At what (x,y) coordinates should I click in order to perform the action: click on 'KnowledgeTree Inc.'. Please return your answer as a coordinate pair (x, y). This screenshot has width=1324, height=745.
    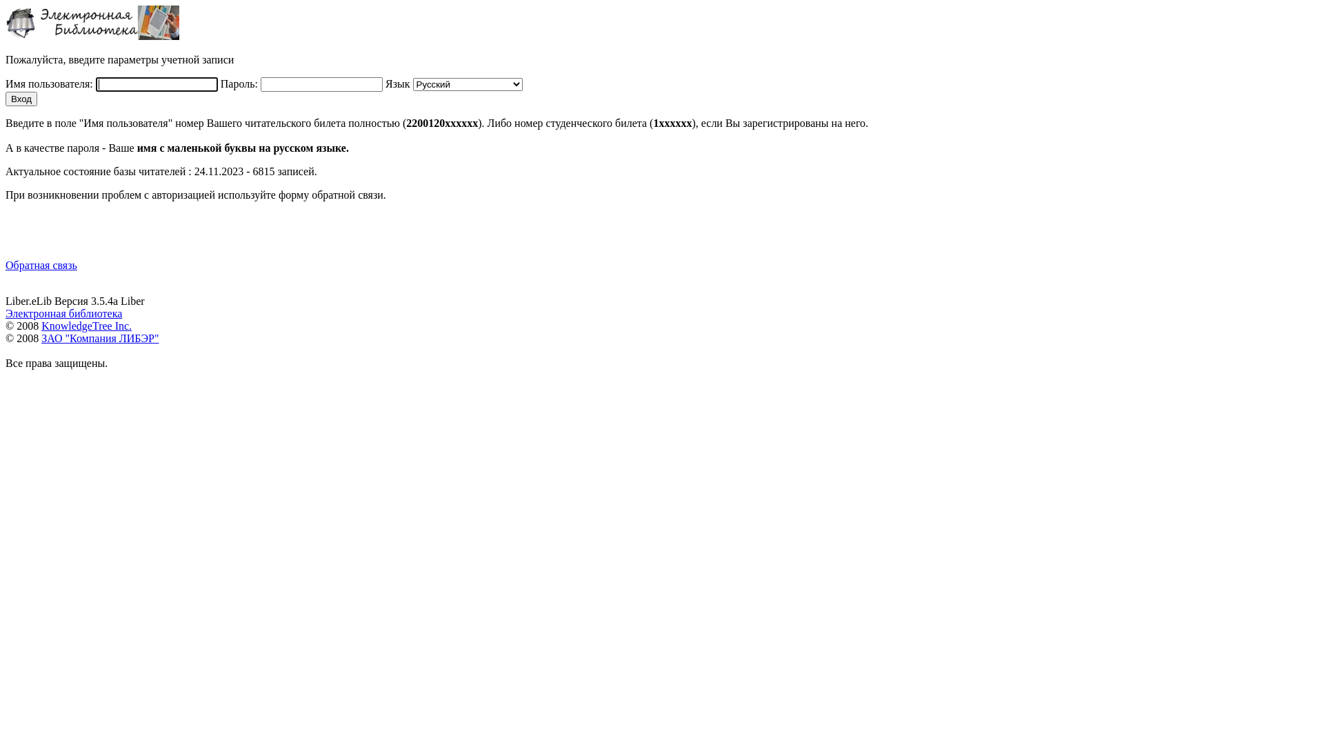
    Looking at the image, I should click on (86, 326).